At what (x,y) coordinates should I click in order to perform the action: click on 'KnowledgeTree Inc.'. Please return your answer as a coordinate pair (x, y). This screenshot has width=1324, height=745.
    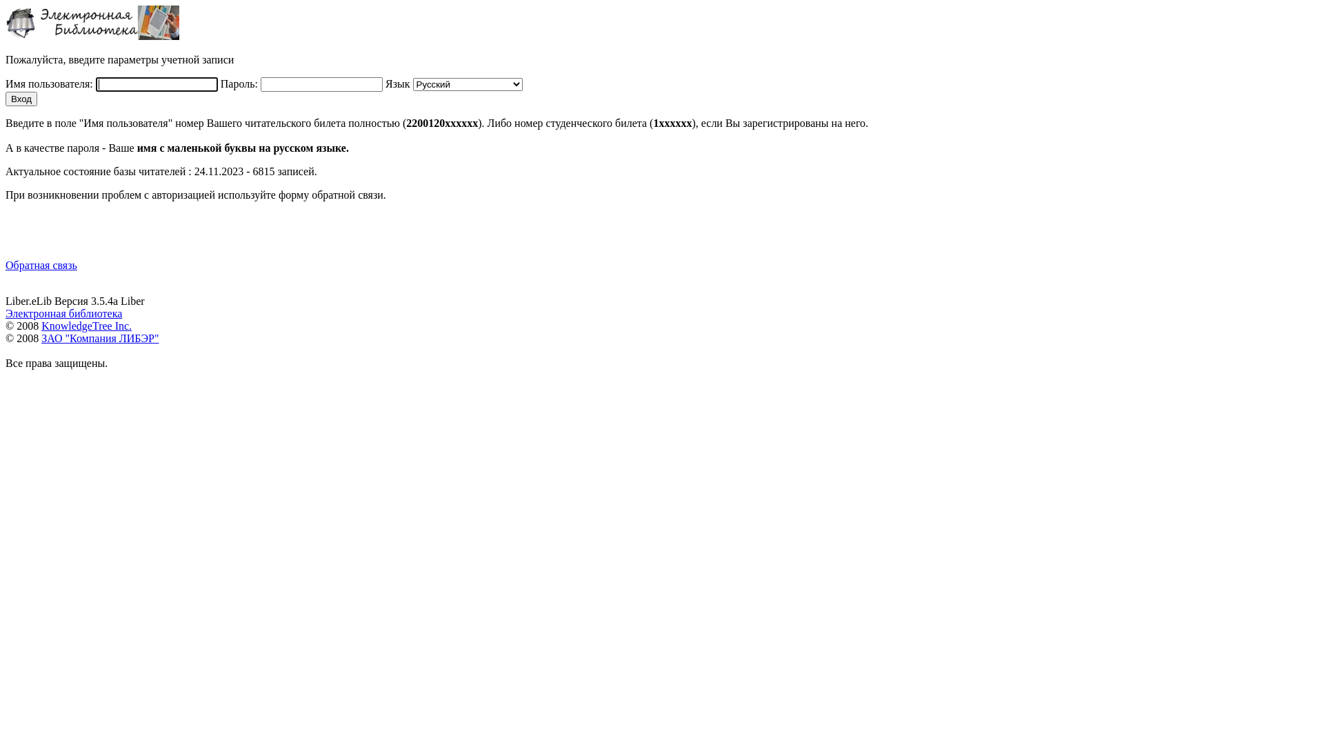
    Looking at the image, I should click on (86, 326).